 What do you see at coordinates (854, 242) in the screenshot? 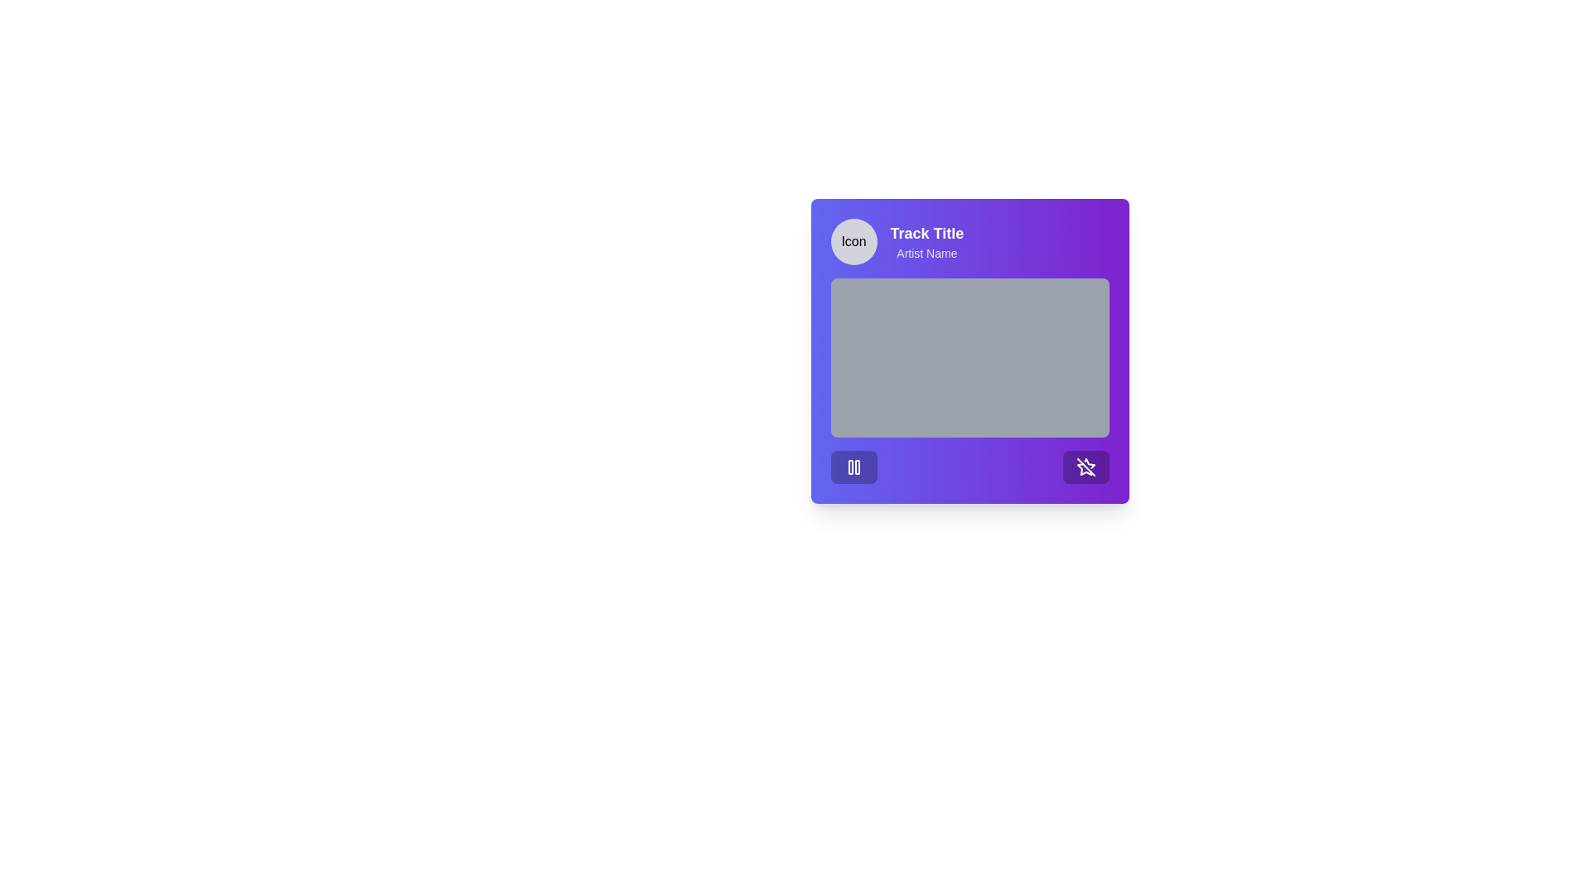
I see `the circular graphic element with the text 'Icon' in black, which is styled with rounded edges and located` at bounding box center [854, 242].